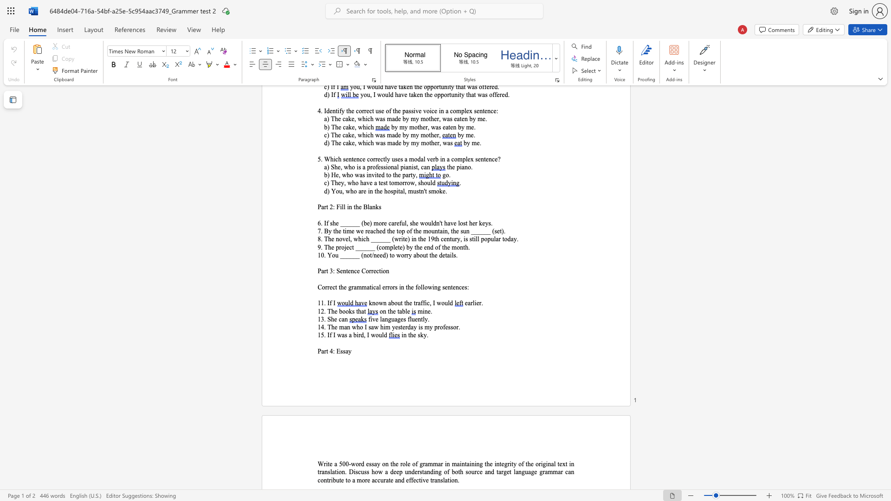  Describe the element at coordinates (432, 303) in the screenshot. I see `the subset text "I wo" within the text "known about the traffic, I would"` at that location.